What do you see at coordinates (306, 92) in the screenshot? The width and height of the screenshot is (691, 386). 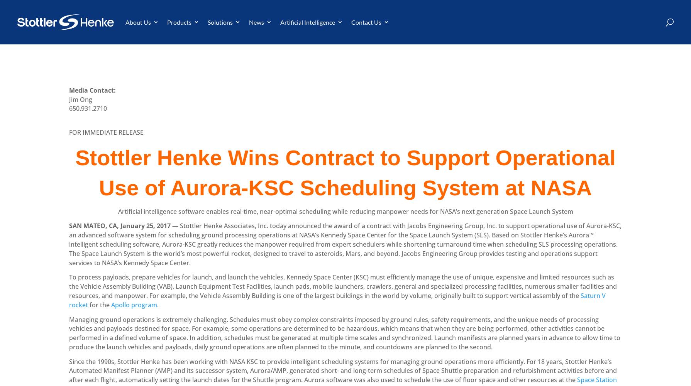 I see `'Quotations'` at bounding box center [306, 92].